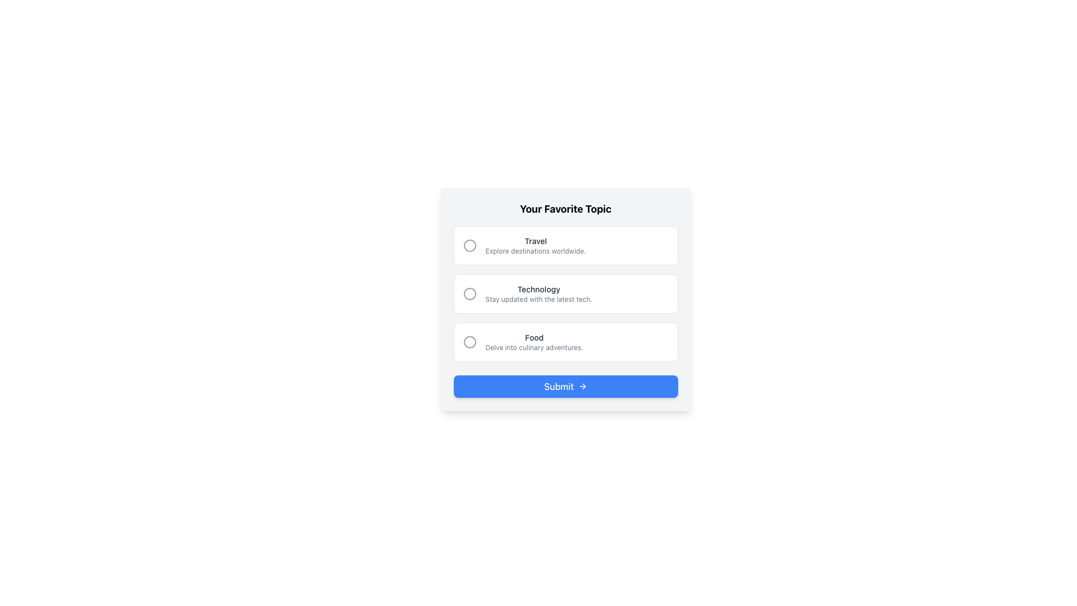  I want to click on the circular outline indicator for the first option 'Travel' in the list titled 'Your Favorite Topic', so click(470, 245).